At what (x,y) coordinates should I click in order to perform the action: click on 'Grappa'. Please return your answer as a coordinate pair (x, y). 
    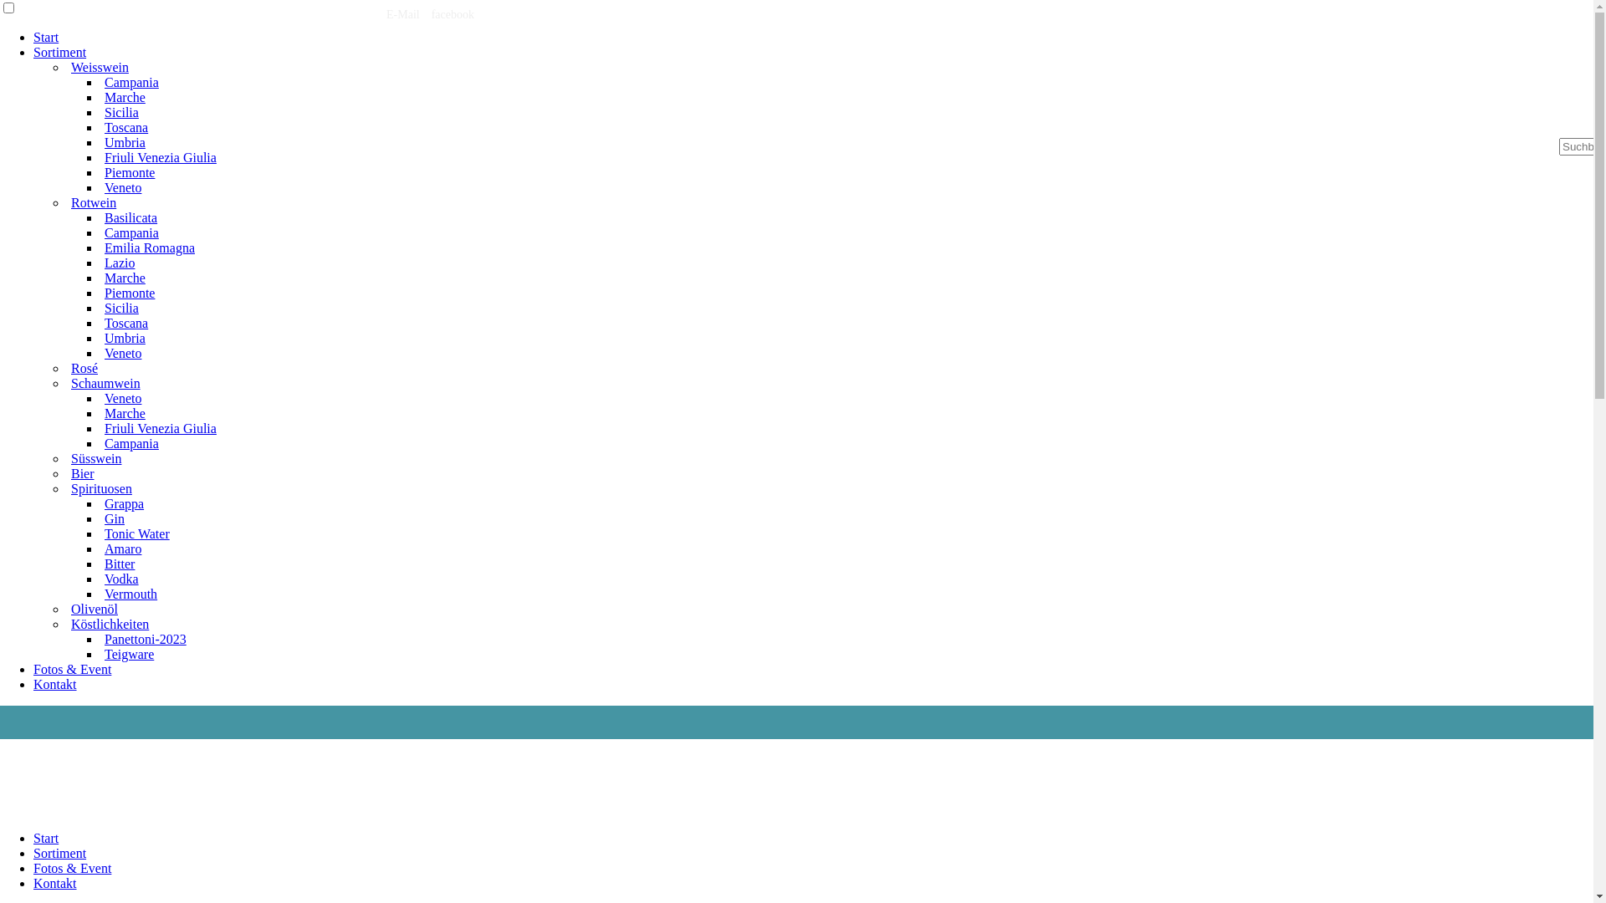
    Looking at the image, I should click on (100, 503).